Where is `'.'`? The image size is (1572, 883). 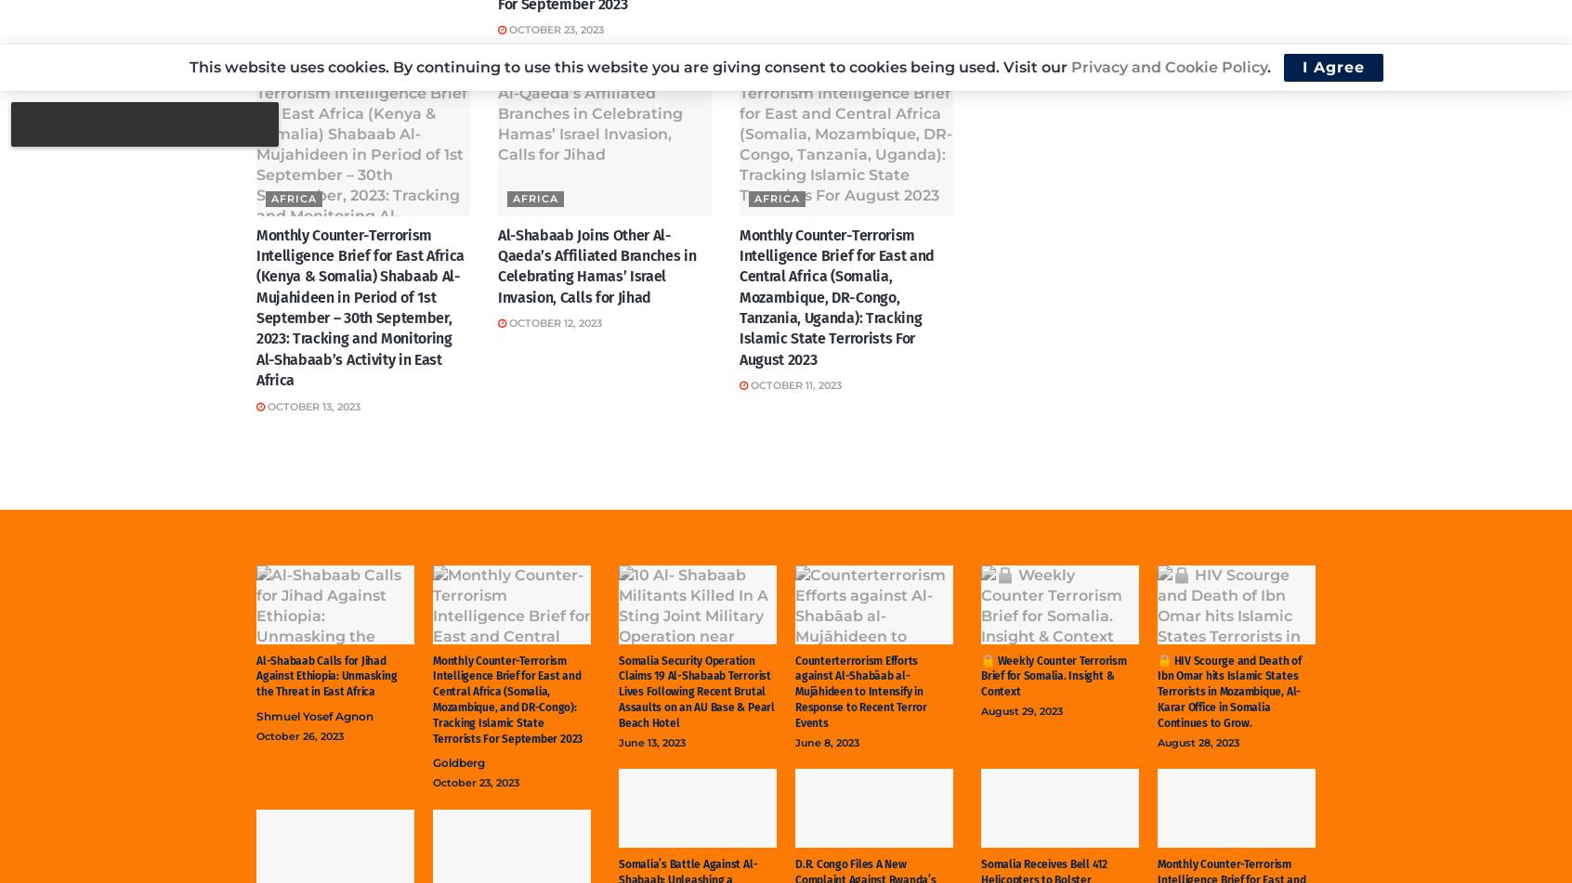 '.' is located at coordinates (1269, 67).